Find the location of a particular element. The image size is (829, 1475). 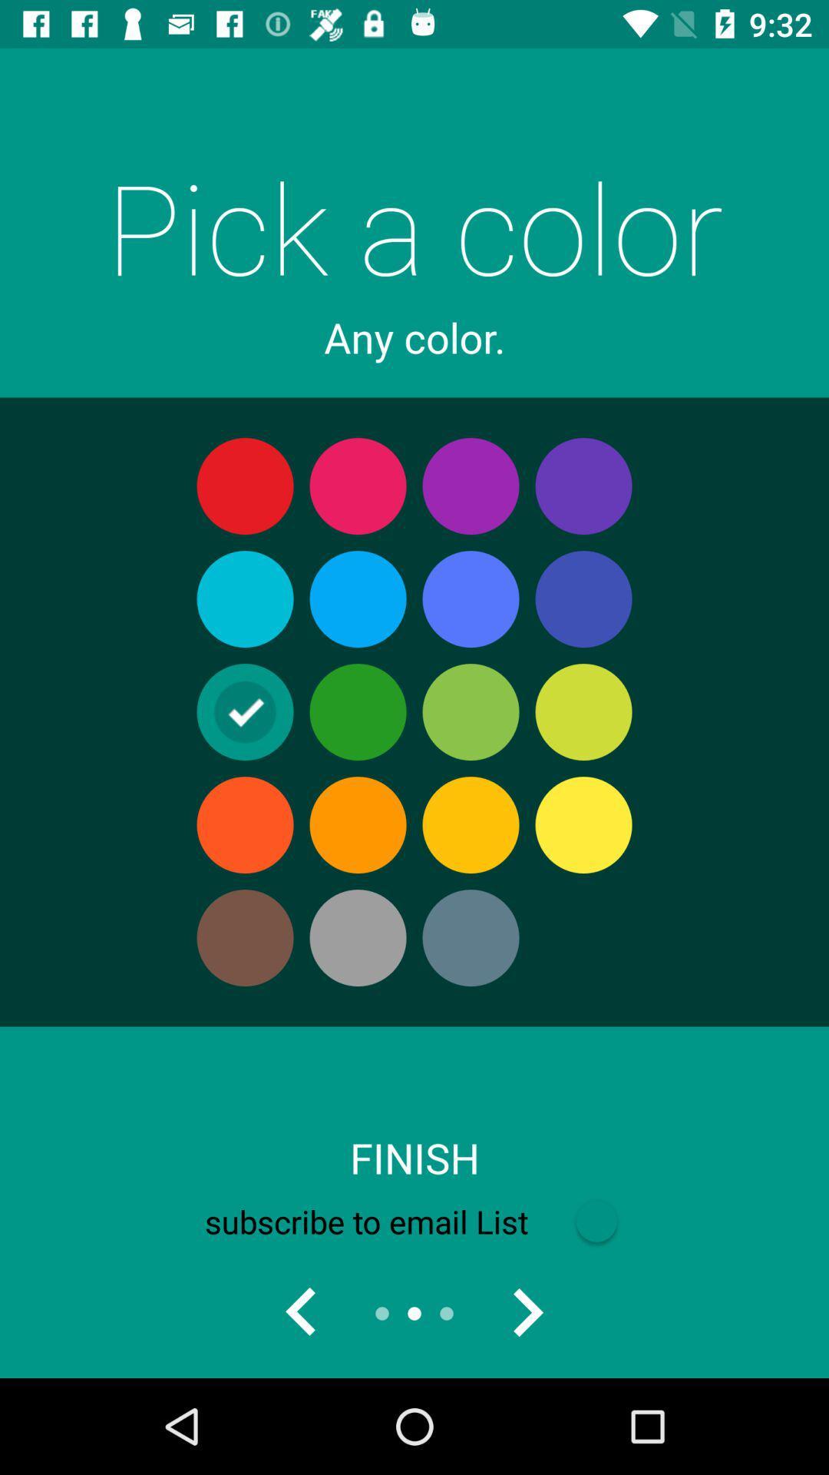

the arrow_forward icon is located at coordinates (526, 1312).